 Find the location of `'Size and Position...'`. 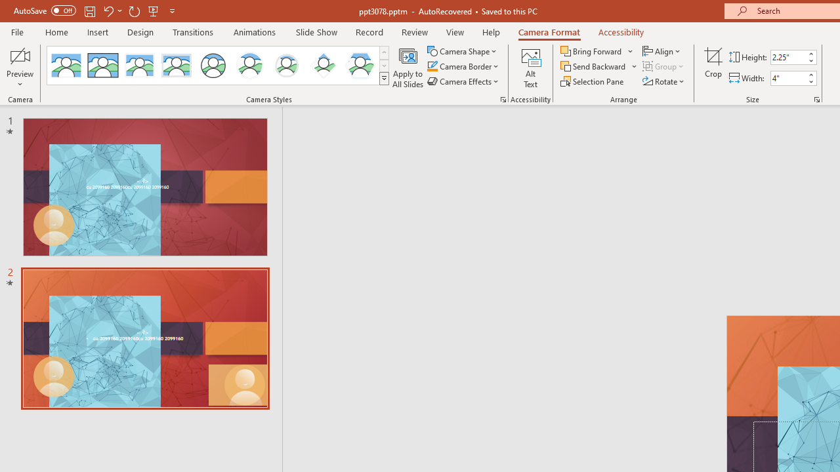

'Size and Position...' is located at coordinates (816, 98).